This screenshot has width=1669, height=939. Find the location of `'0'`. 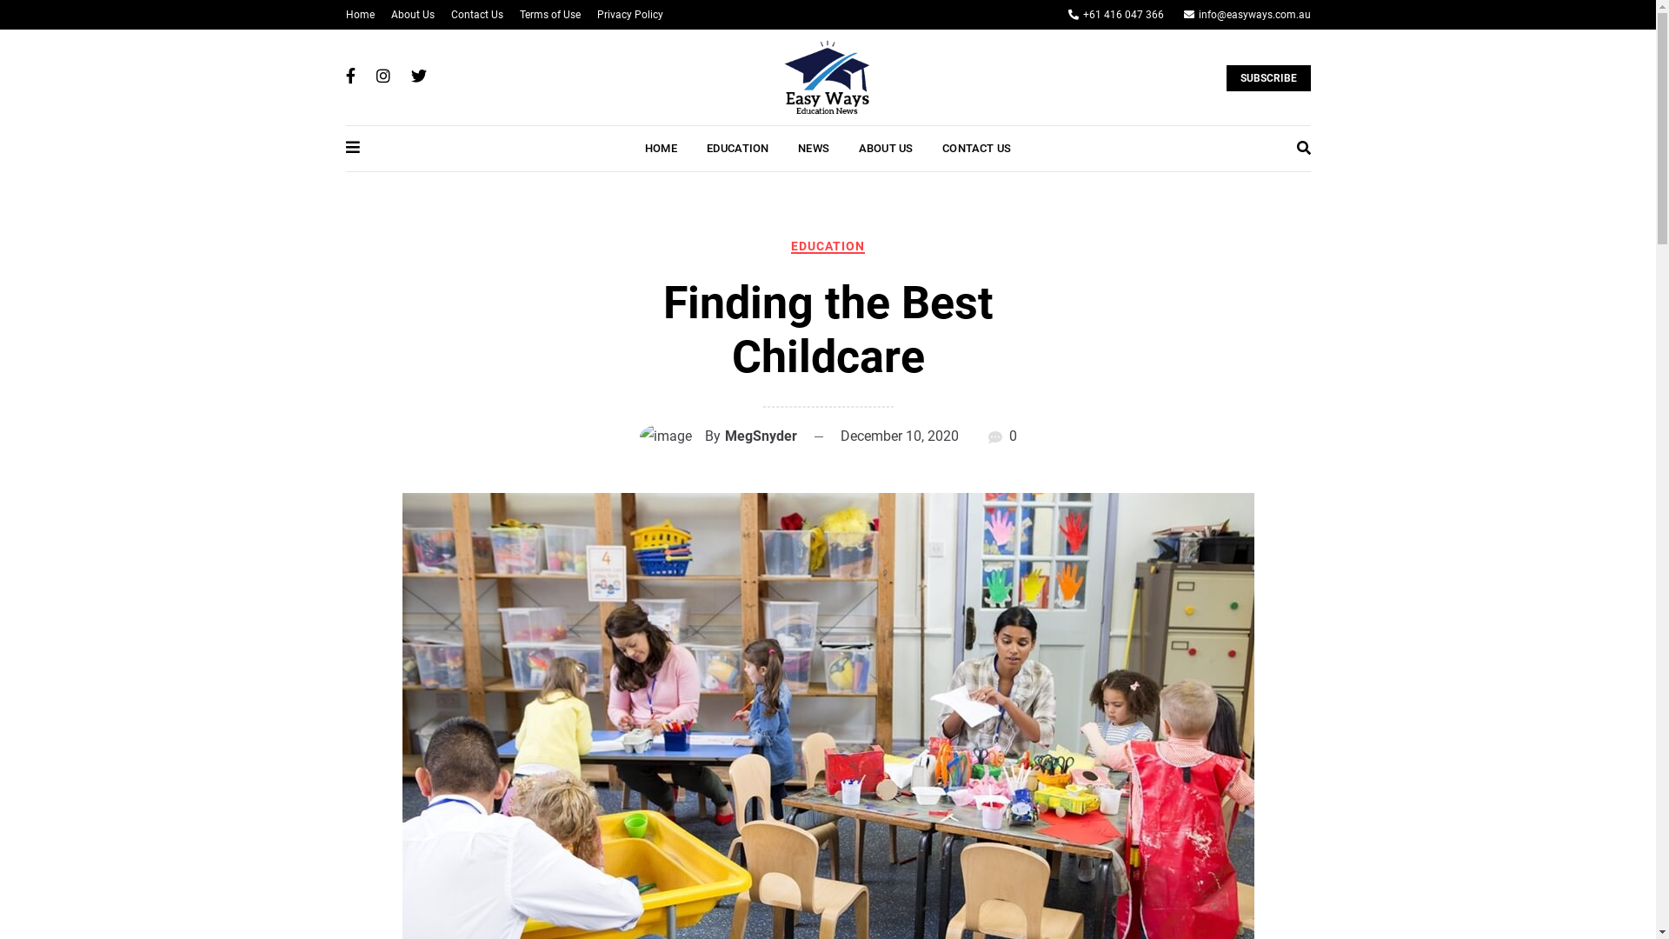

'0' is located at coordinates (1012, 435).